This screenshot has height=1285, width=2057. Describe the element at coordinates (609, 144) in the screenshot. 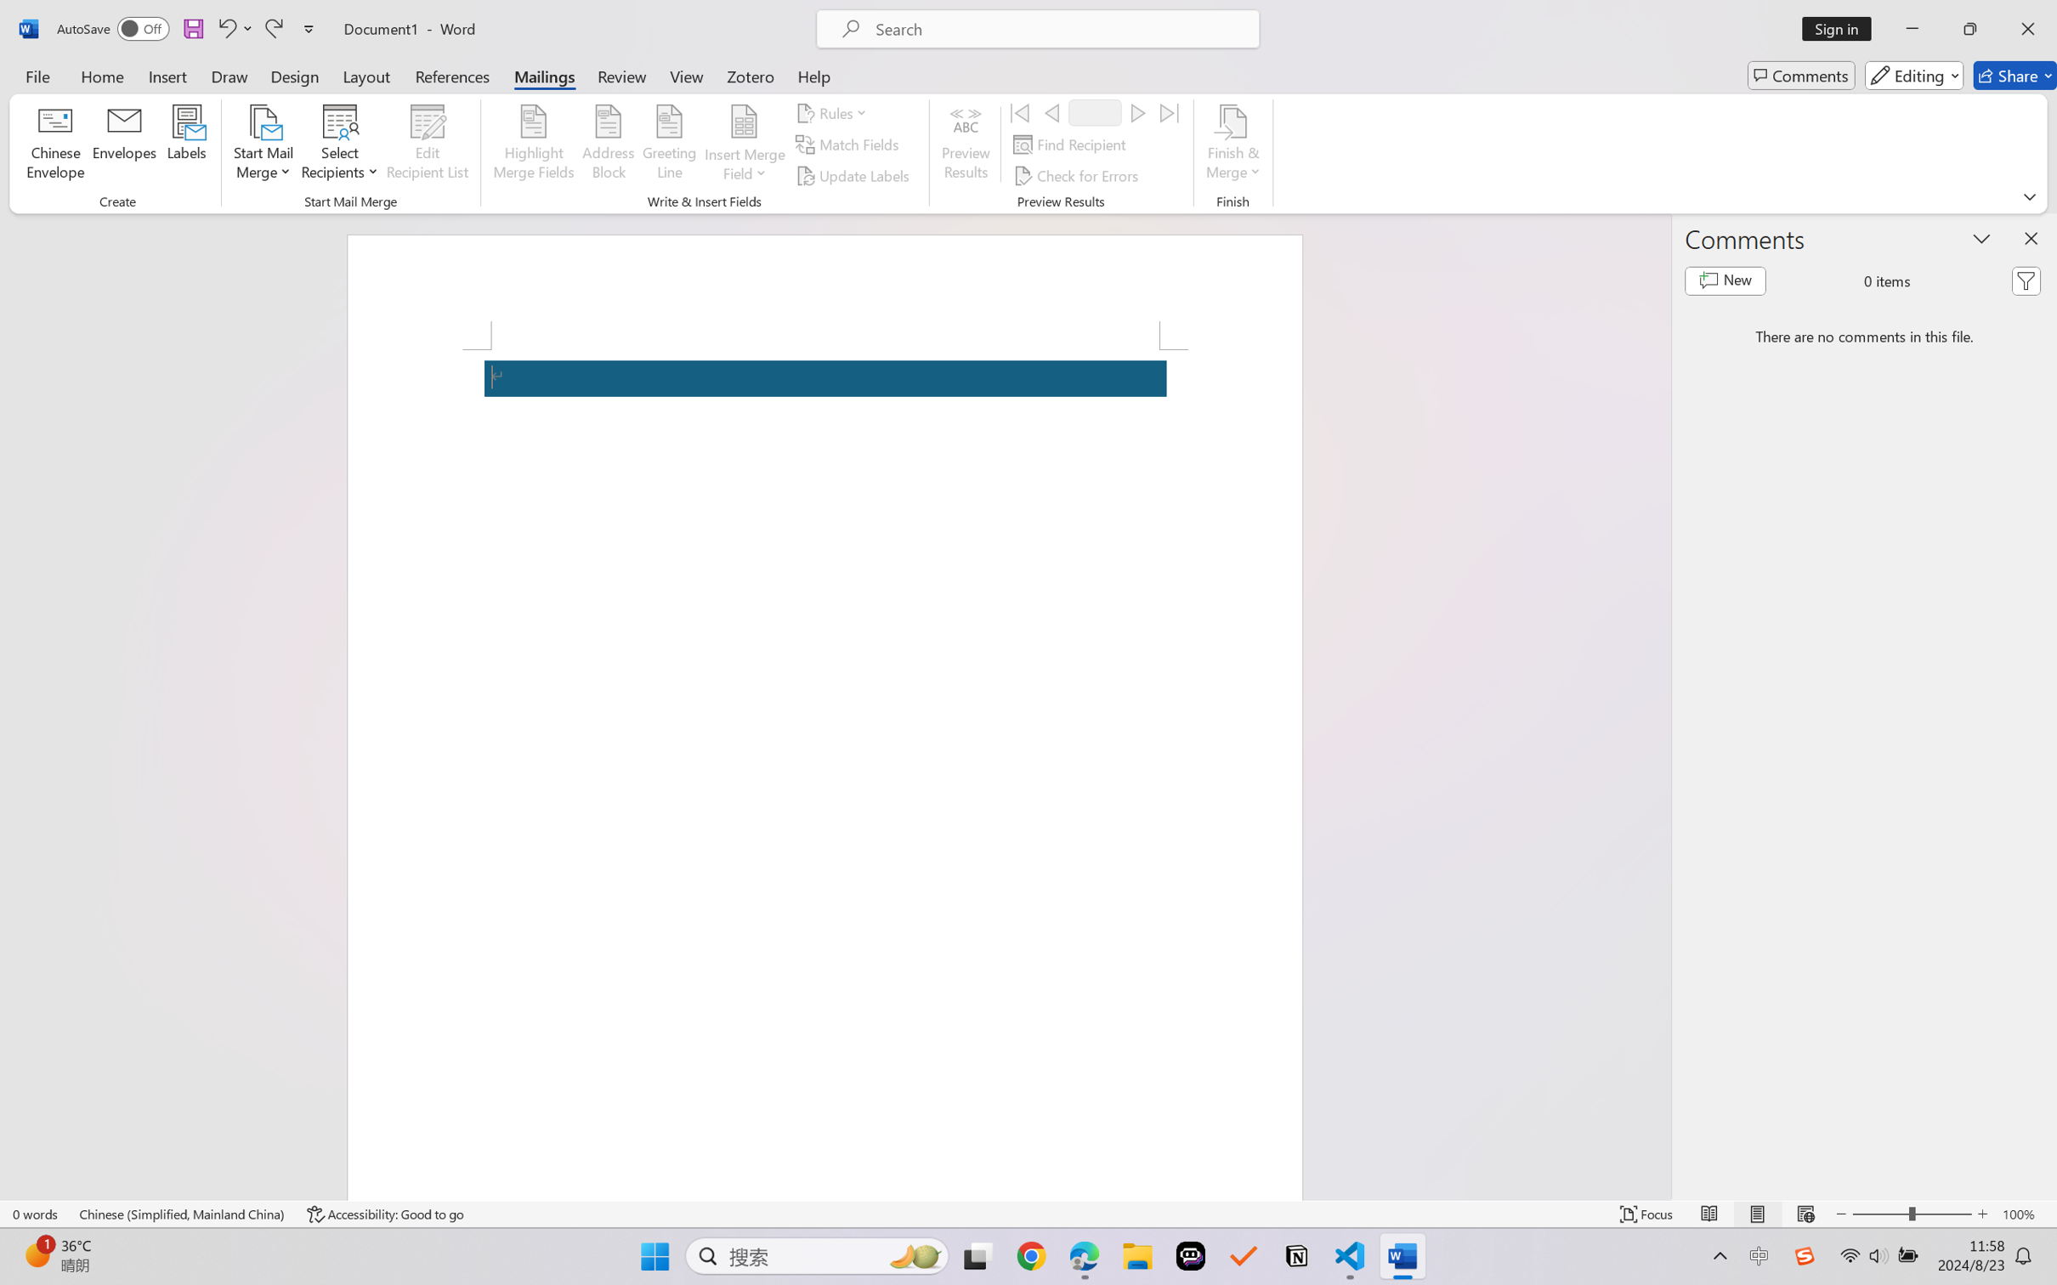

I see `'Address Block...'` at that location.